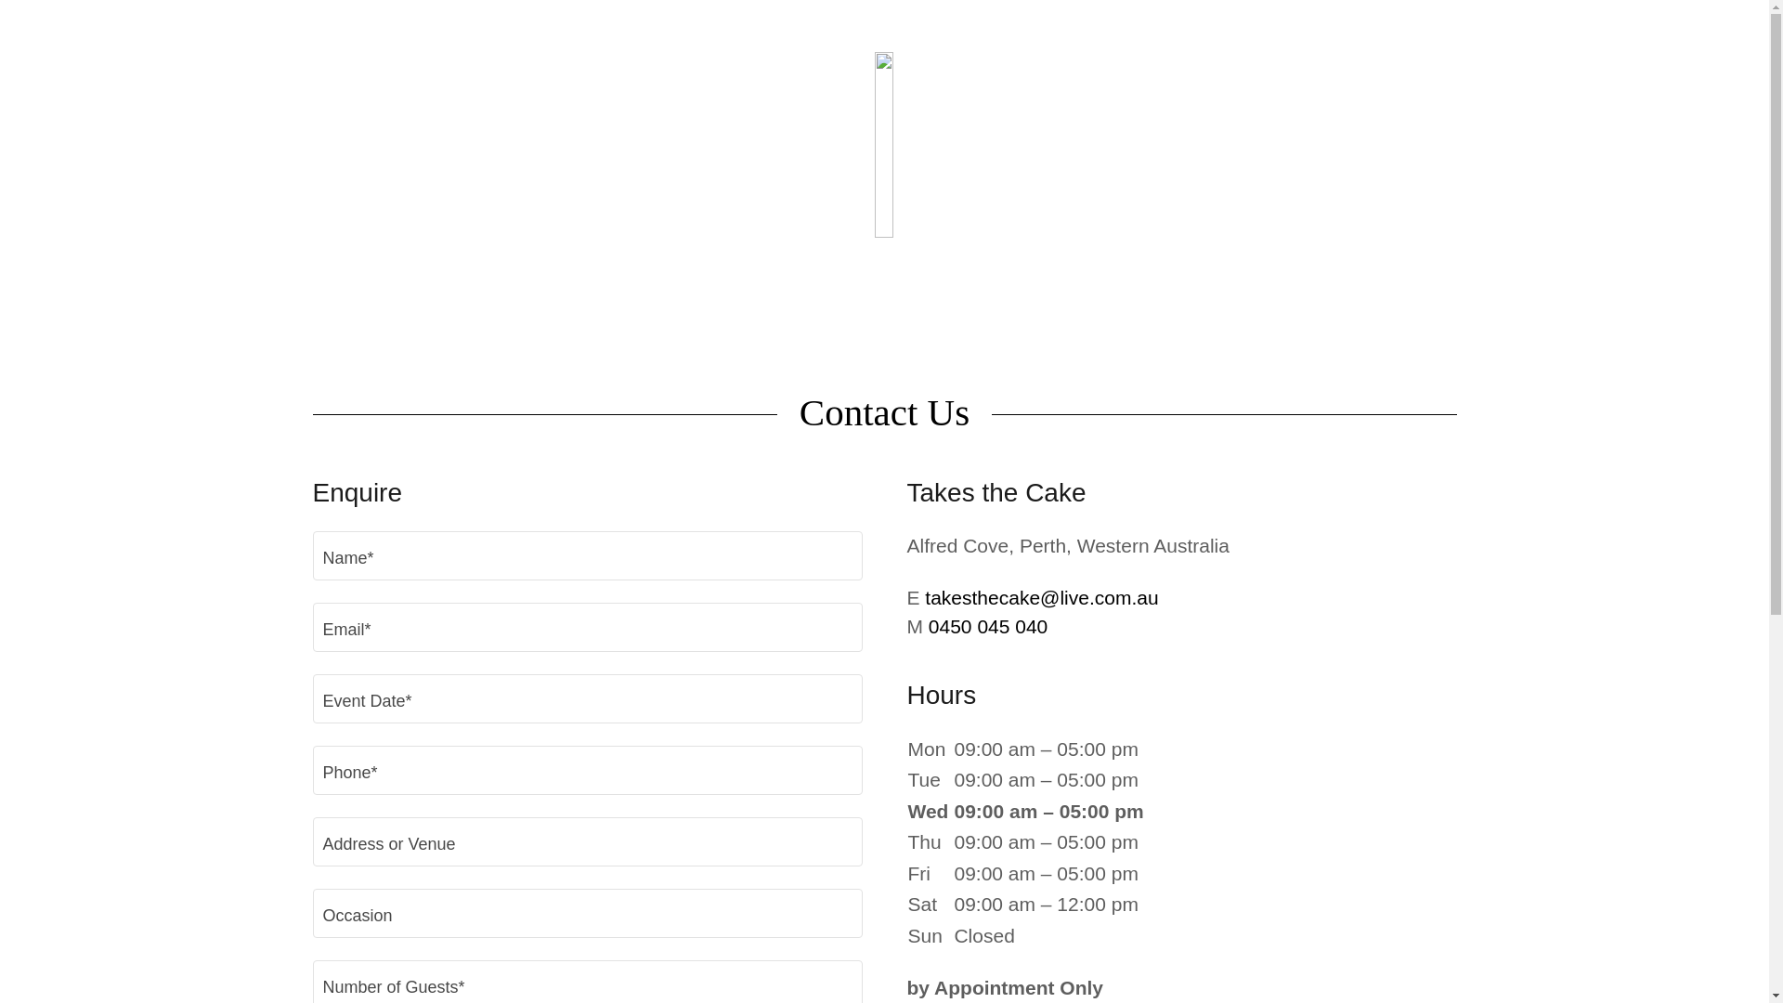 The width and height of the screenshot is (1783, 1003). Describe the element at coordinates (987, 626) in the screenshot. I see `'0450 045 040'` at that location.